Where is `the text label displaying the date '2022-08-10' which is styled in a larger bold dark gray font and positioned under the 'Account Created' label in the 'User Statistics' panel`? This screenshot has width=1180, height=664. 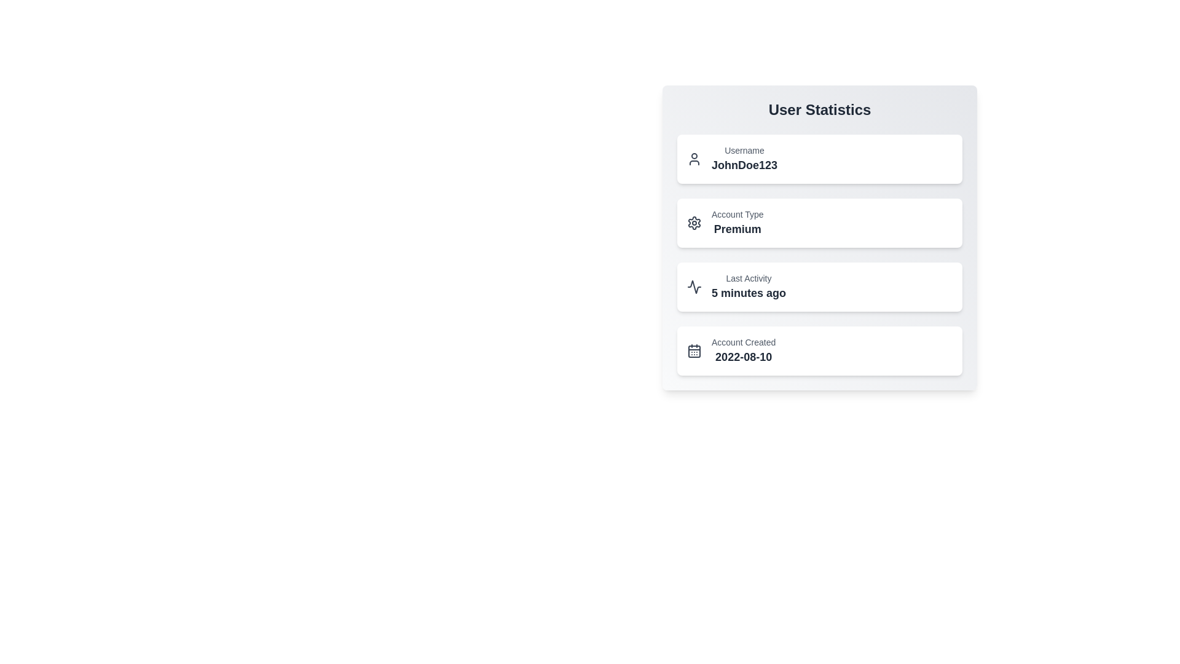
the text label displaying the date '2022-08-10' which is styled in a larger bold dark gray font and positioned under the 'Account Created' label in the 'User Statistics' panel is located at coordinates (743, 357).